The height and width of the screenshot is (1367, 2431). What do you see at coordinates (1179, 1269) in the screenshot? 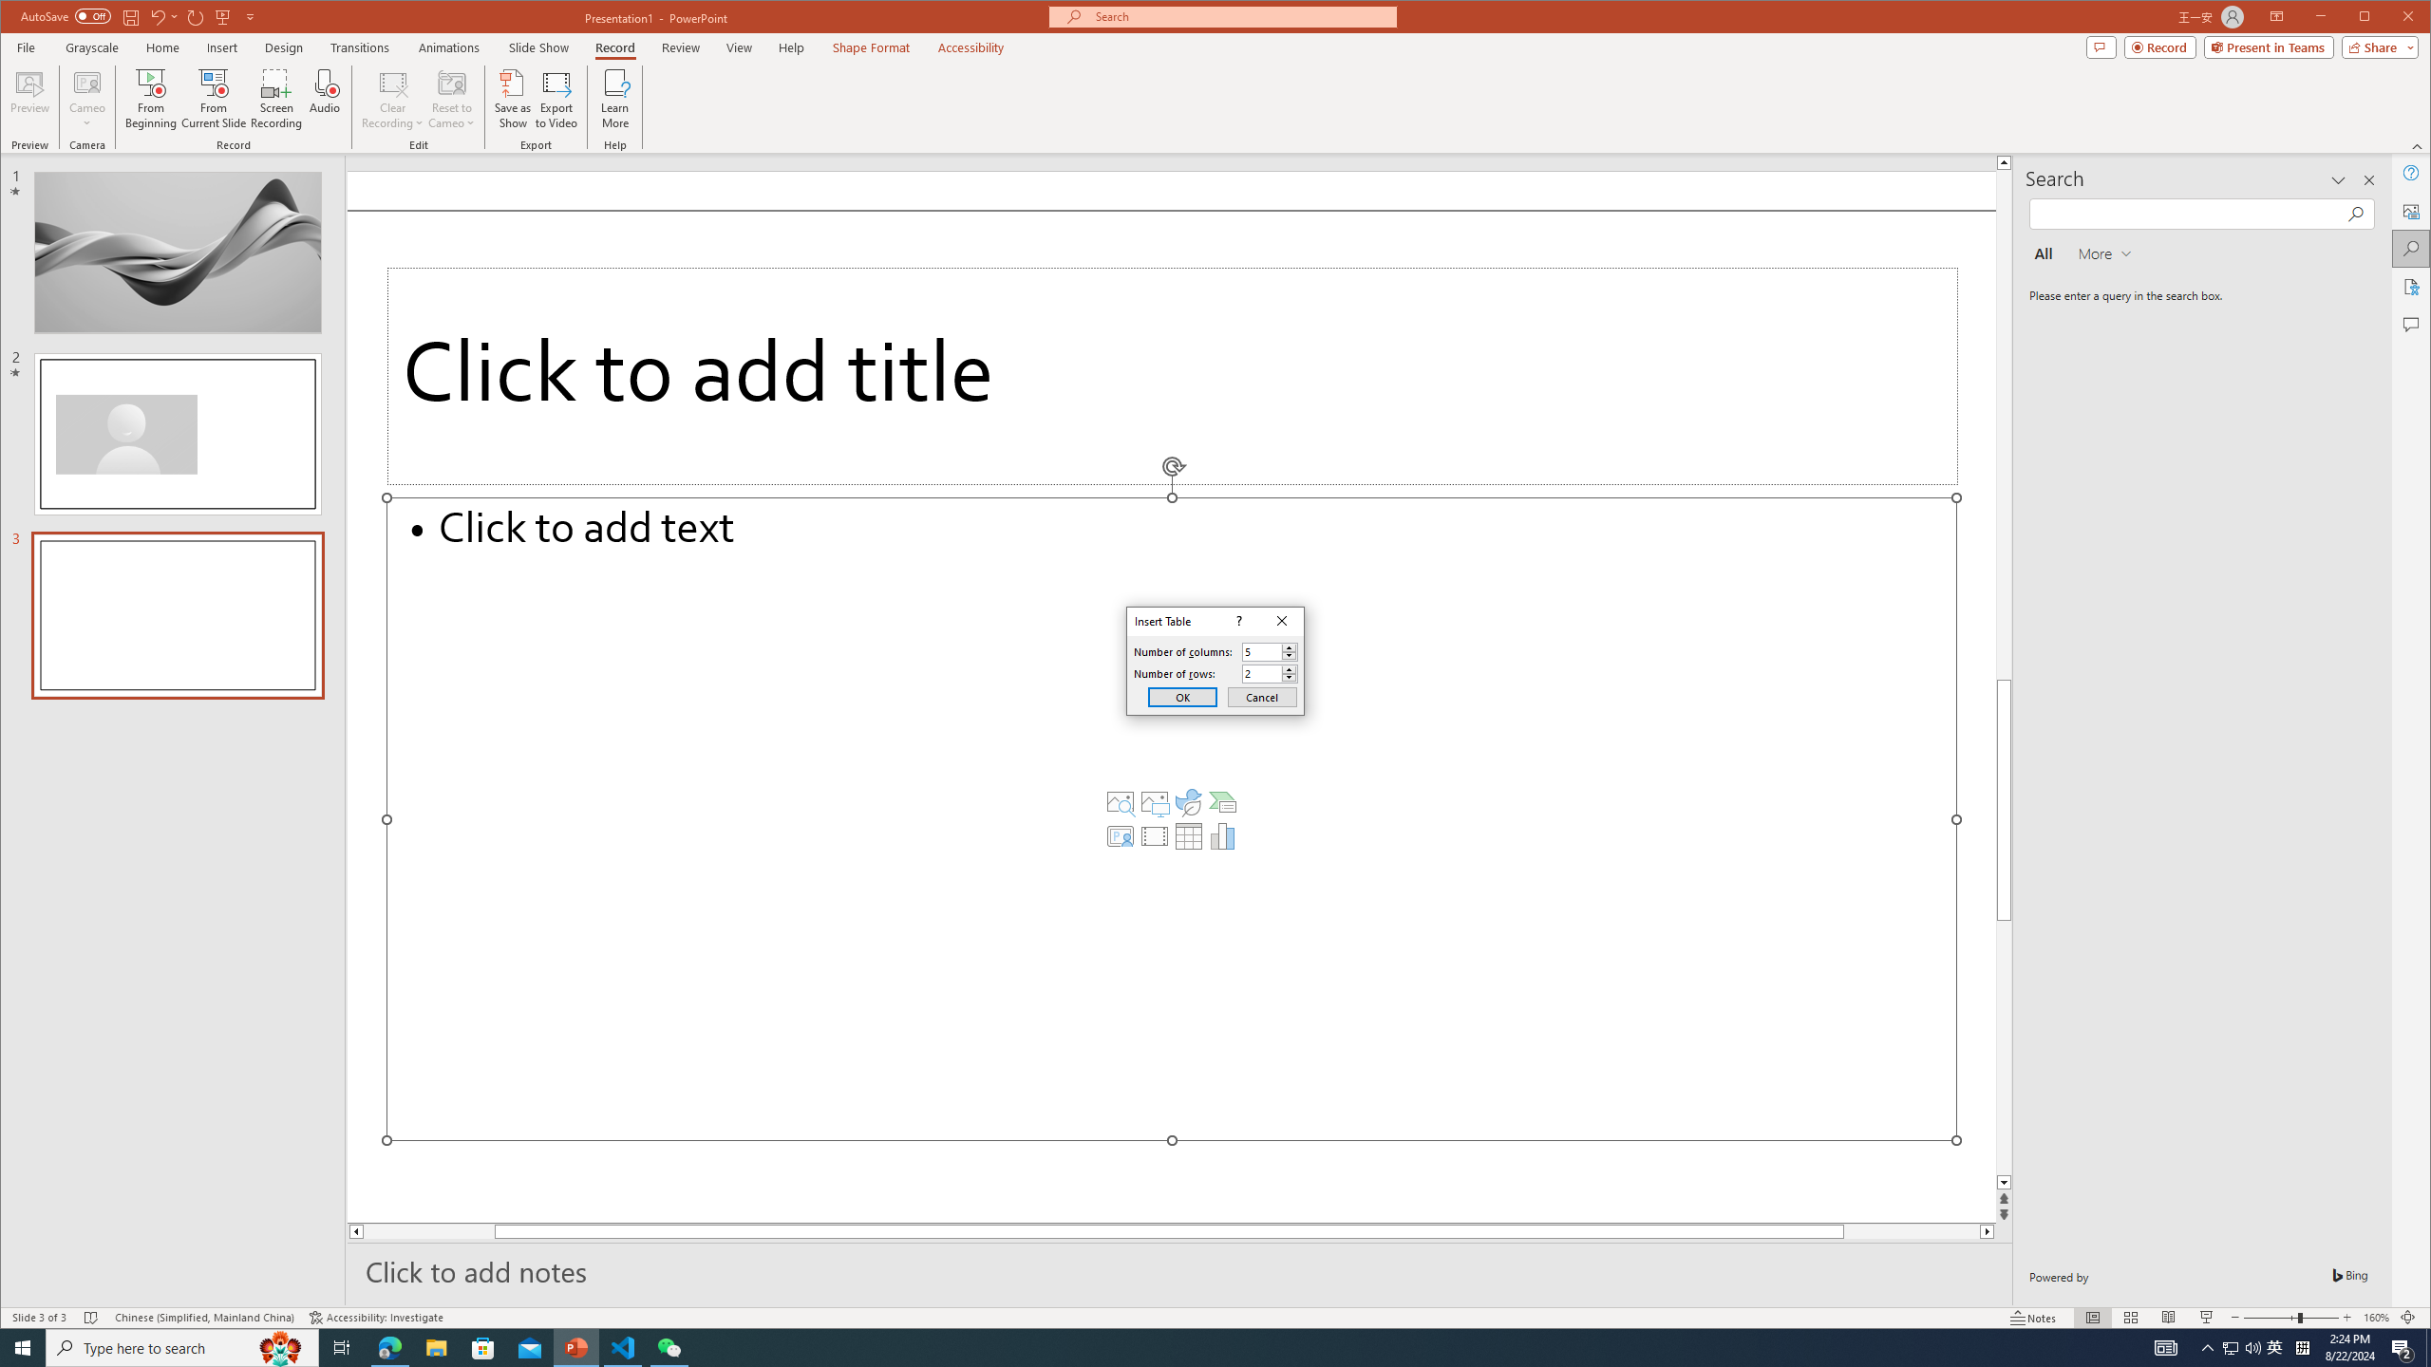
I see `'Slide Notes'` at bounding box center [1179, 1269].